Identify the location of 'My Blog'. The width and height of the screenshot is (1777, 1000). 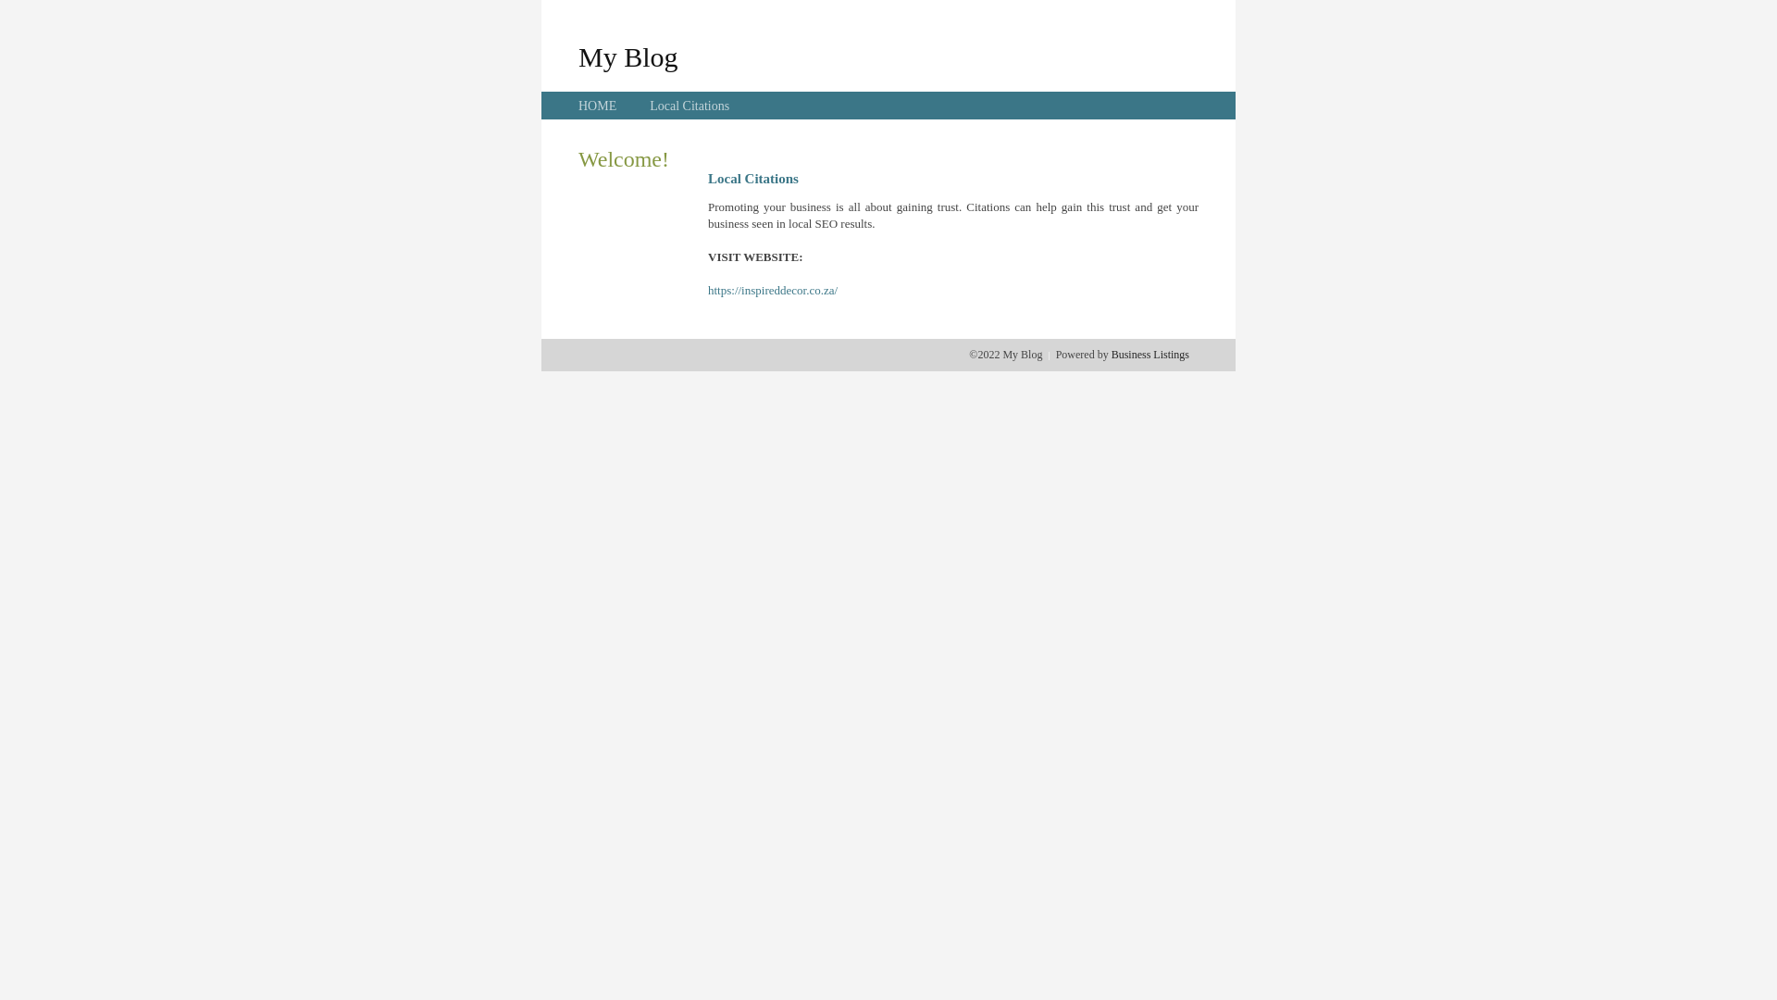
(628, 56).